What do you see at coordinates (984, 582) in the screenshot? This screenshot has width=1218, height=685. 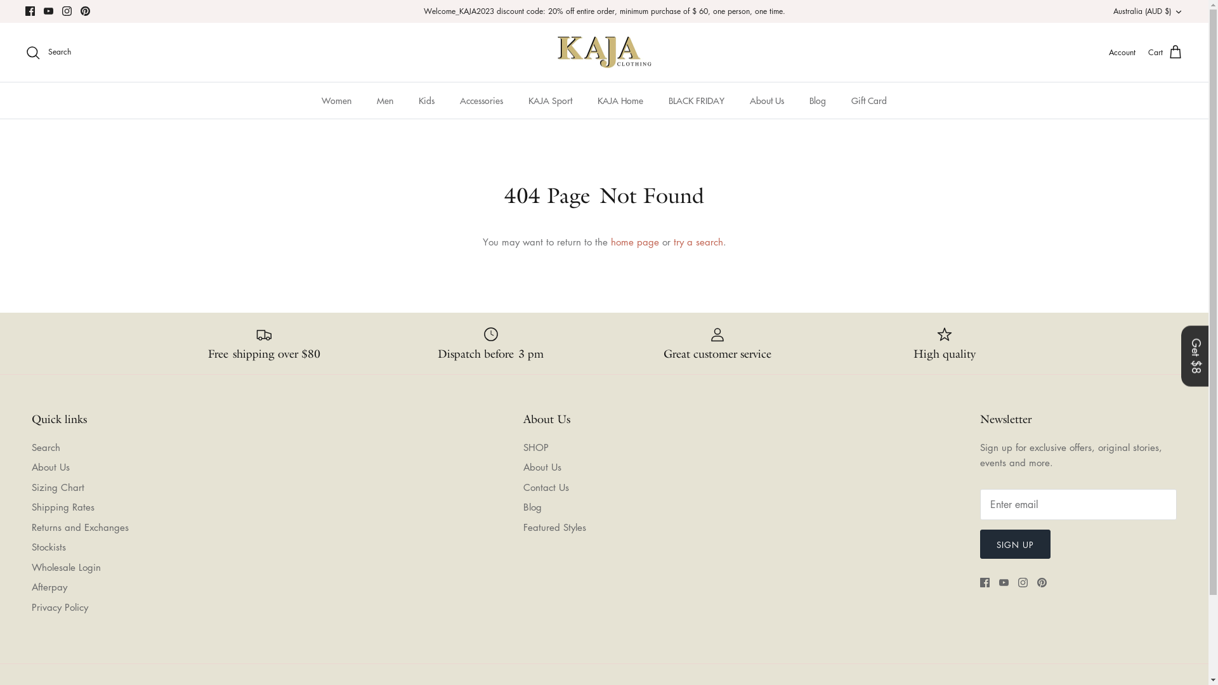 I see `'Facebook'` at bounding box center [984, 582].